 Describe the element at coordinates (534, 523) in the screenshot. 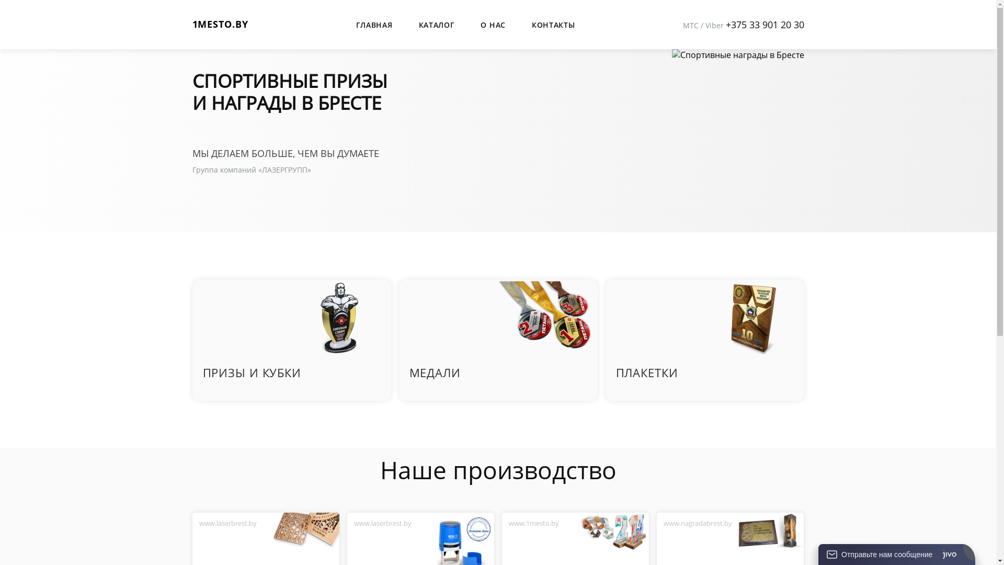

I see `'www.1mesto.by'` at that location.